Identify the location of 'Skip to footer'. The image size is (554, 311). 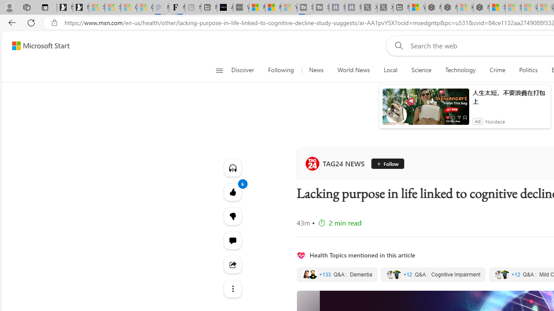
(35, 45).